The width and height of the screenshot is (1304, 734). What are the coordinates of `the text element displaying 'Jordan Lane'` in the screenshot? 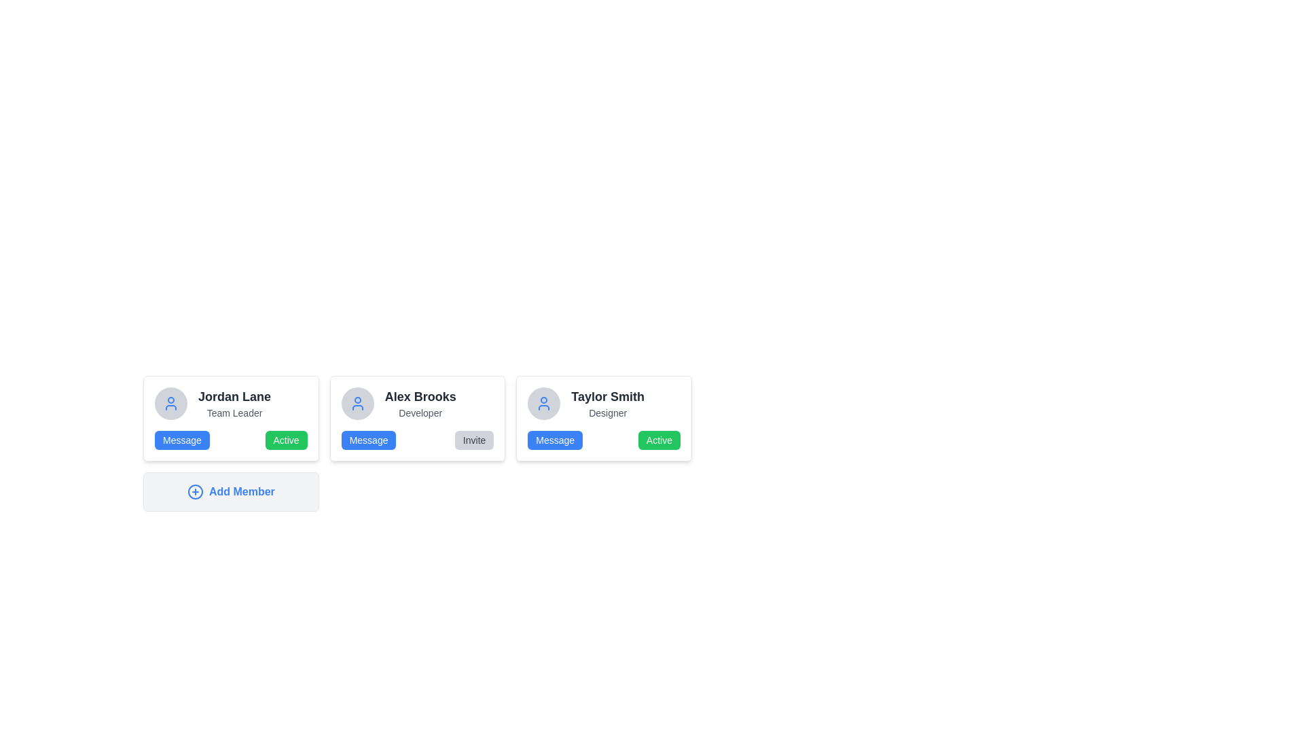 It's located at (234, 396).